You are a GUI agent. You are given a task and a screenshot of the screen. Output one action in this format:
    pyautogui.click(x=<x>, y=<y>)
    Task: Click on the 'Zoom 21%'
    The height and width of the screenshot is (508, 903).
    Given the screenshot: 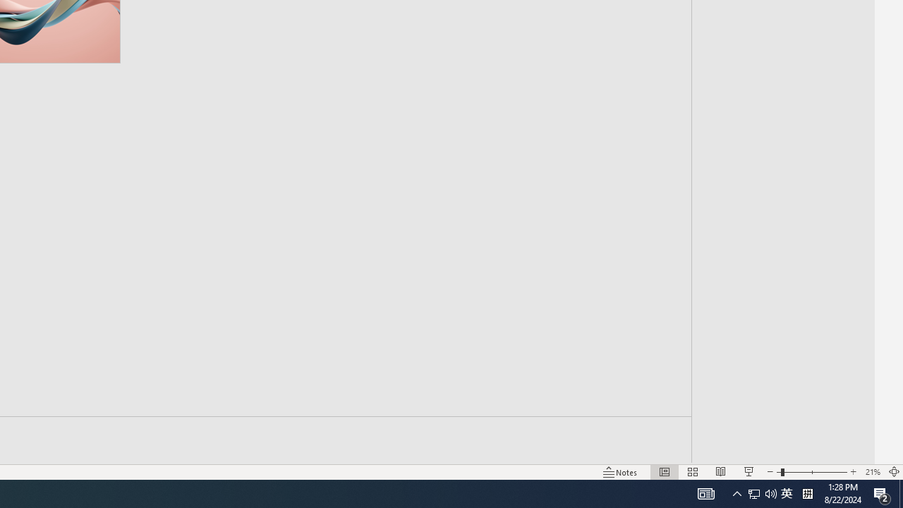 What is the action you would take?
    pyautogui.click(x=872, y=472)
    